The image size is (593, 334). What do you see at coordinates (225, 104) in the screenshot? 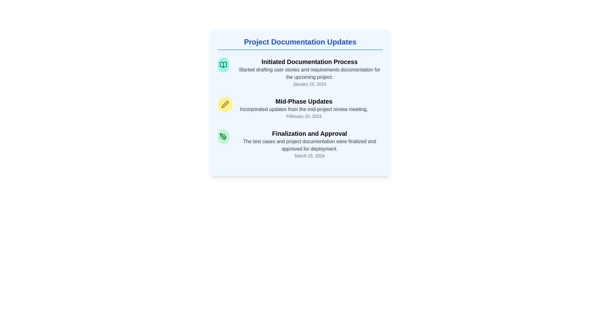
I see `the icon that signifies the 'Mid-Phase Updates' point, located to the left of the associated text` at bounding box center [225, 104].